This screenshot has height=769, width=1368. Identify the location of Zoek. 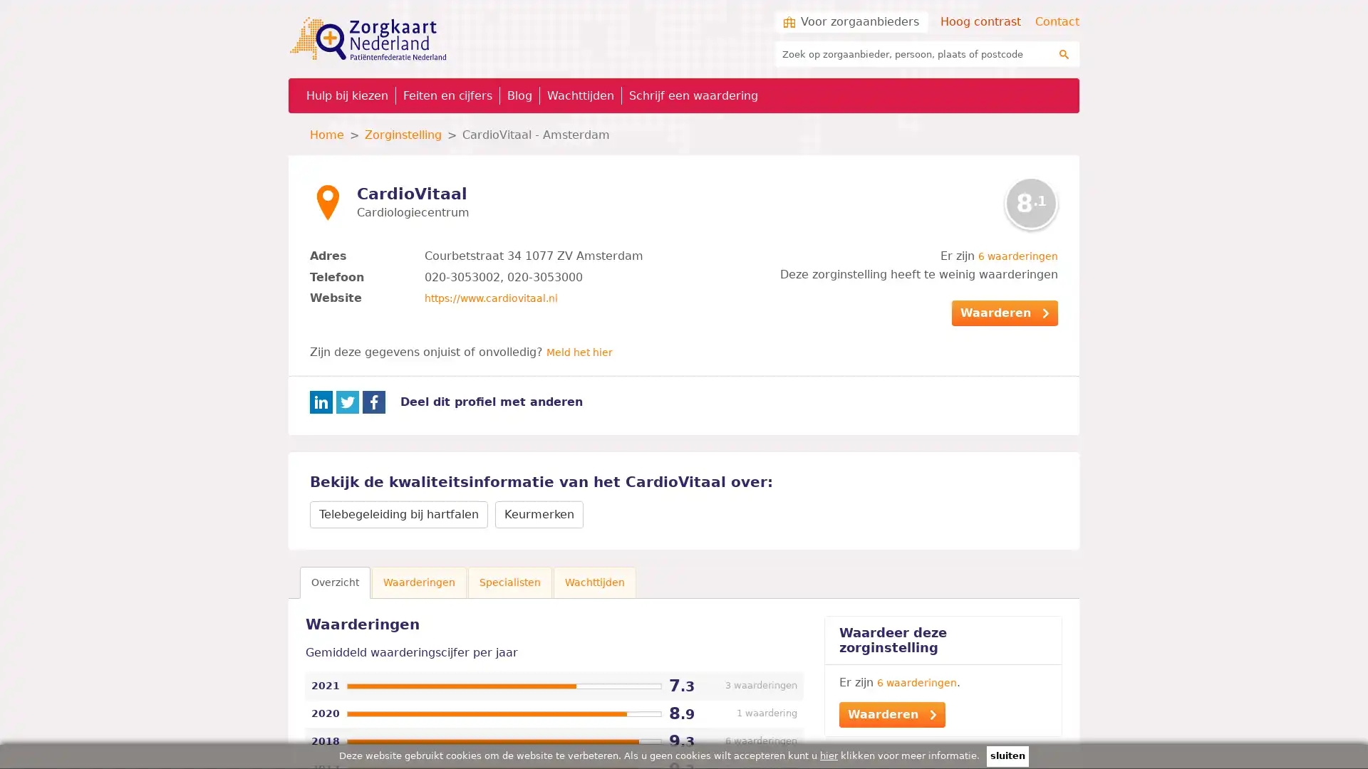
(1064, 53).